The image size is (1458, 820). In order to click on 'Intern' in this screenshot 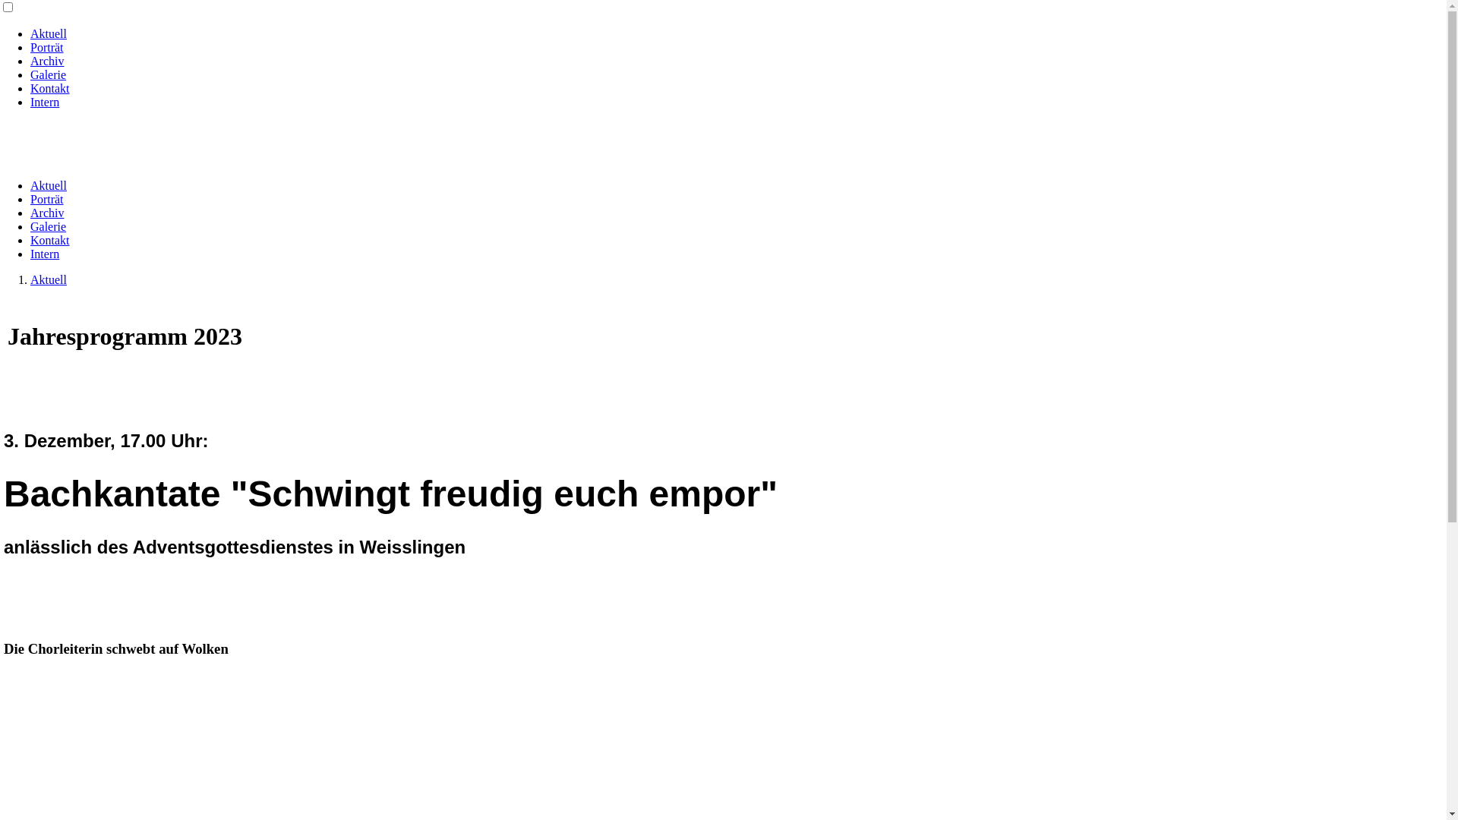, I will do `click(44, 102)`.